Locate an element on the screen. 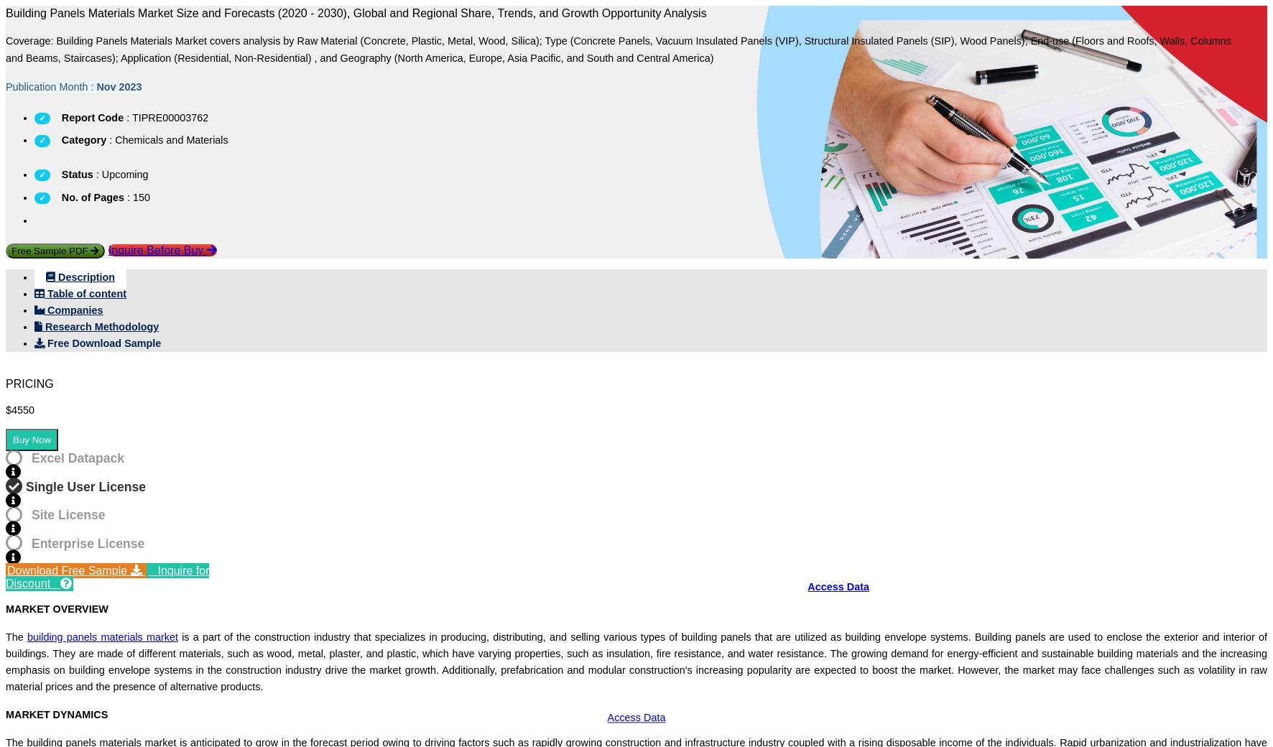  'COVID-19' is located at coordinates (885, 454).